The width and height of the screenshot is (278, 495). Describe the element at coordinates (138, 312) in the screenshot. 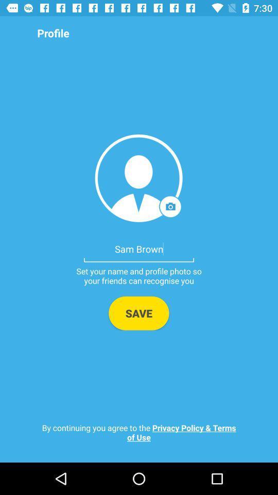

I see `the save item` at that location.